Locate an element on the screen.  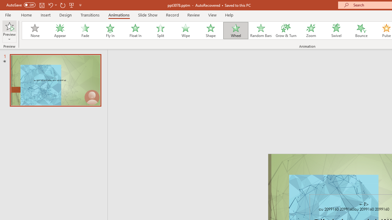
'None' is located at coordinates (34, 31).